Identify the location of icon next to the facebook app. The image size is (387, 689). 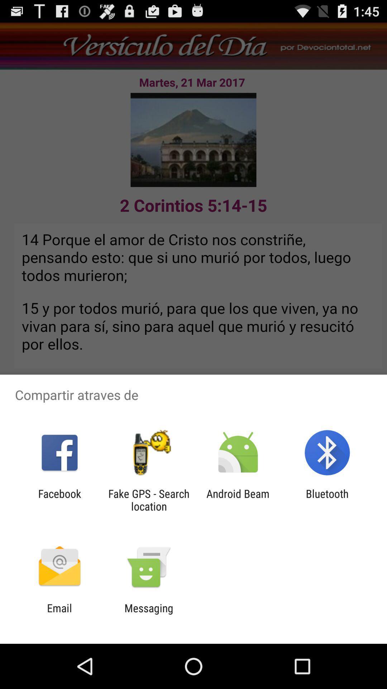
(148, 500).